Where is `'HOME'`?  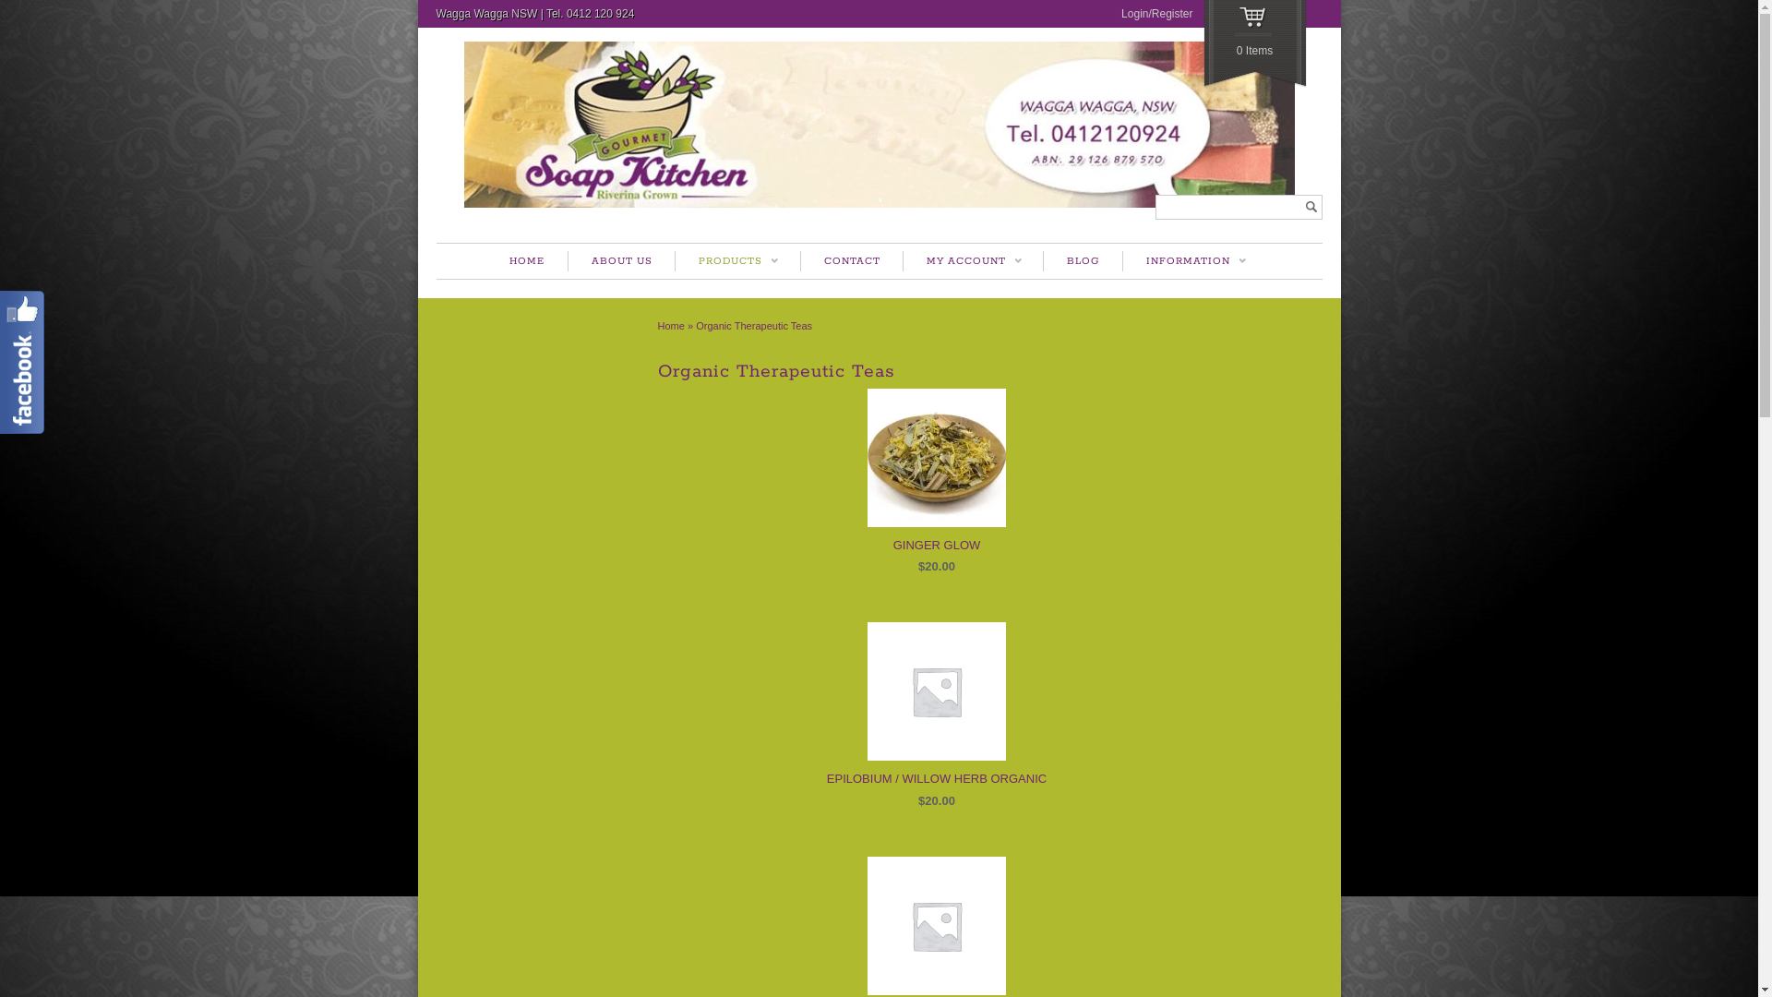
'HOME' is located at coordinates (526, 260).